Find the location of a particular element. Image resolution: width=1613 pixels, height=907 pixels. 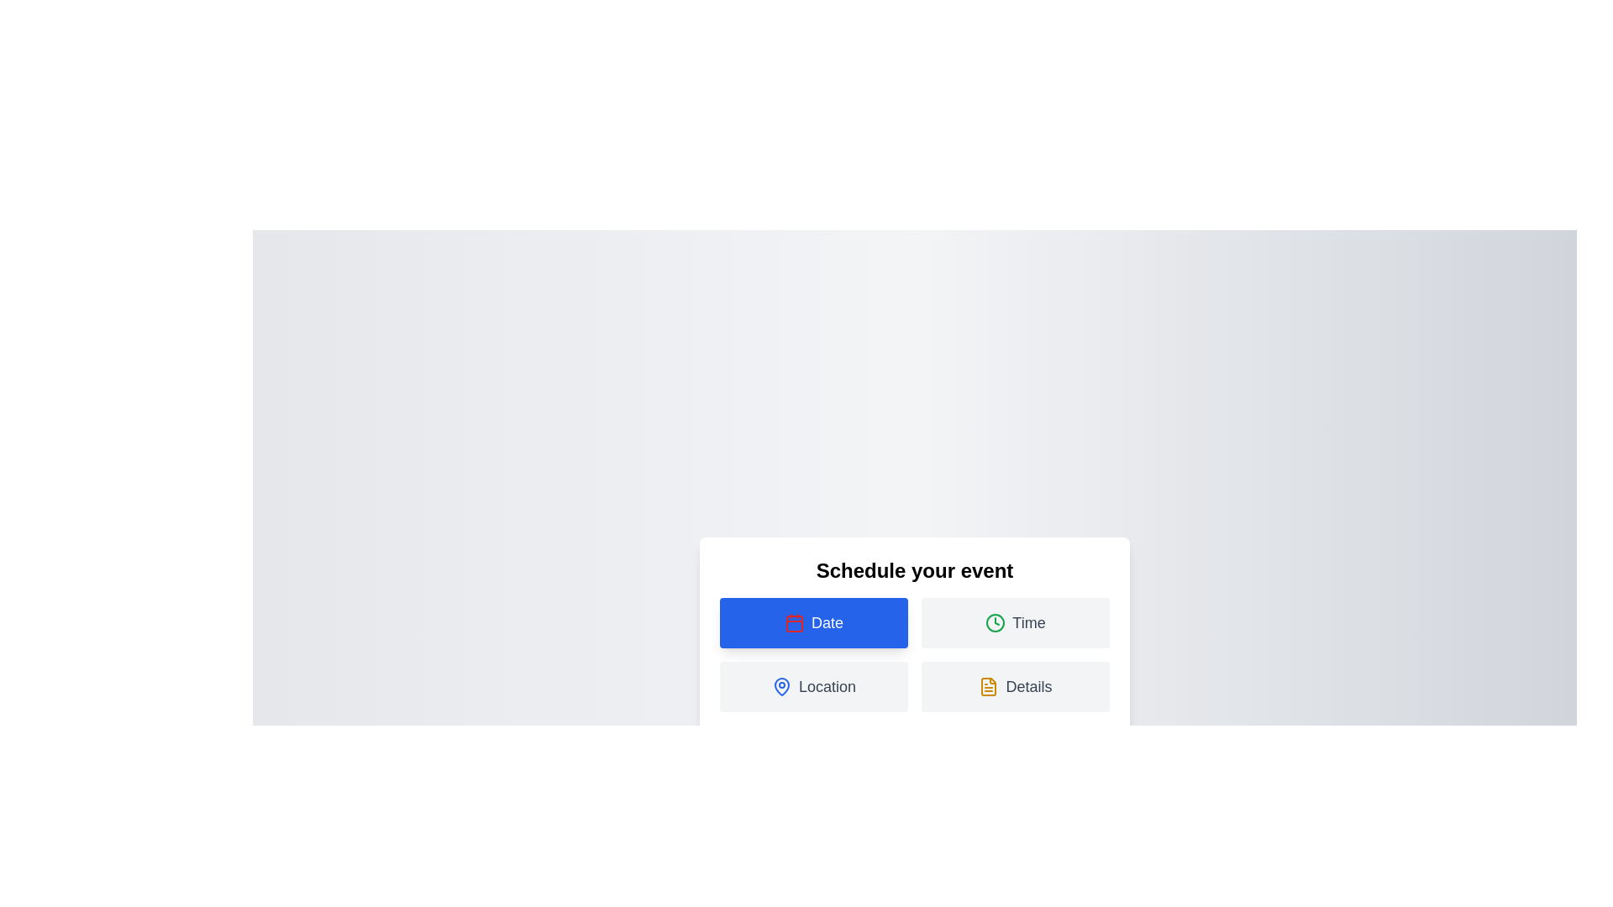

the text label displaying 'Details' in dark gray, located in the right column of the second row in a grid layout, which is accompanied by a document icon is located at coordinates (1027, 686).